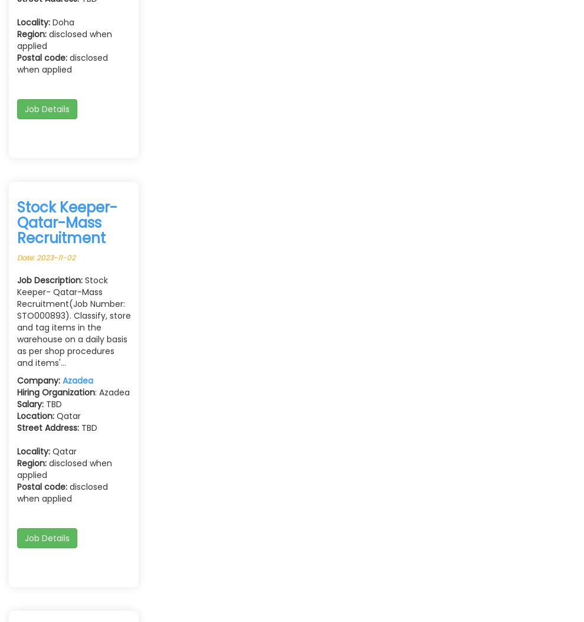  I want to click on 'Hiring Organization', so click(56, 392).